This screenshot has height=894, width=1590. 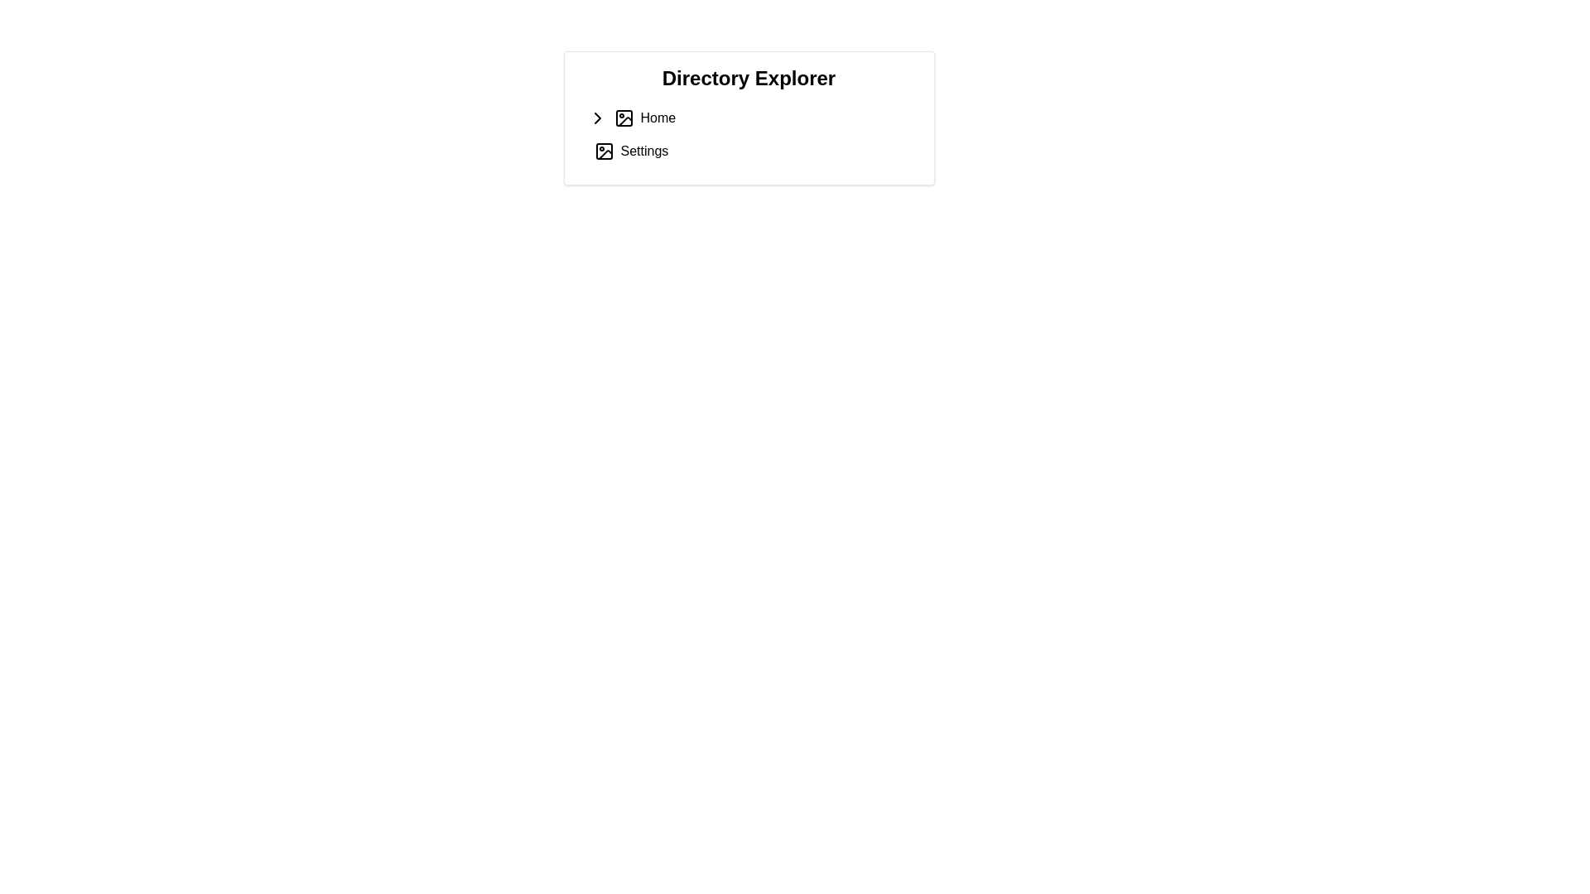 I want to click on the SVG rectangle element with rounded corners located at the top-left corner of the icon, which is part of a minimalist design, so click(x=623, y=117).